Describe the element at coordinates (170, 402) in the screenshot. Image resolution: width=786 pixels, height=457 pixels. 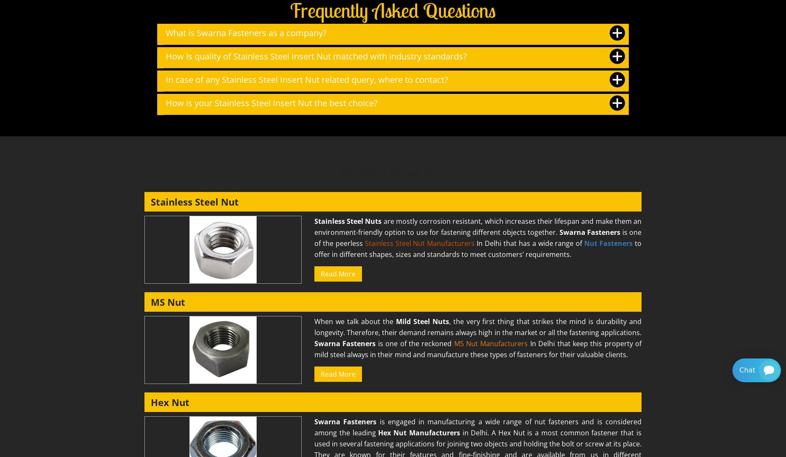
I see `'Hex Nut'` at that location.